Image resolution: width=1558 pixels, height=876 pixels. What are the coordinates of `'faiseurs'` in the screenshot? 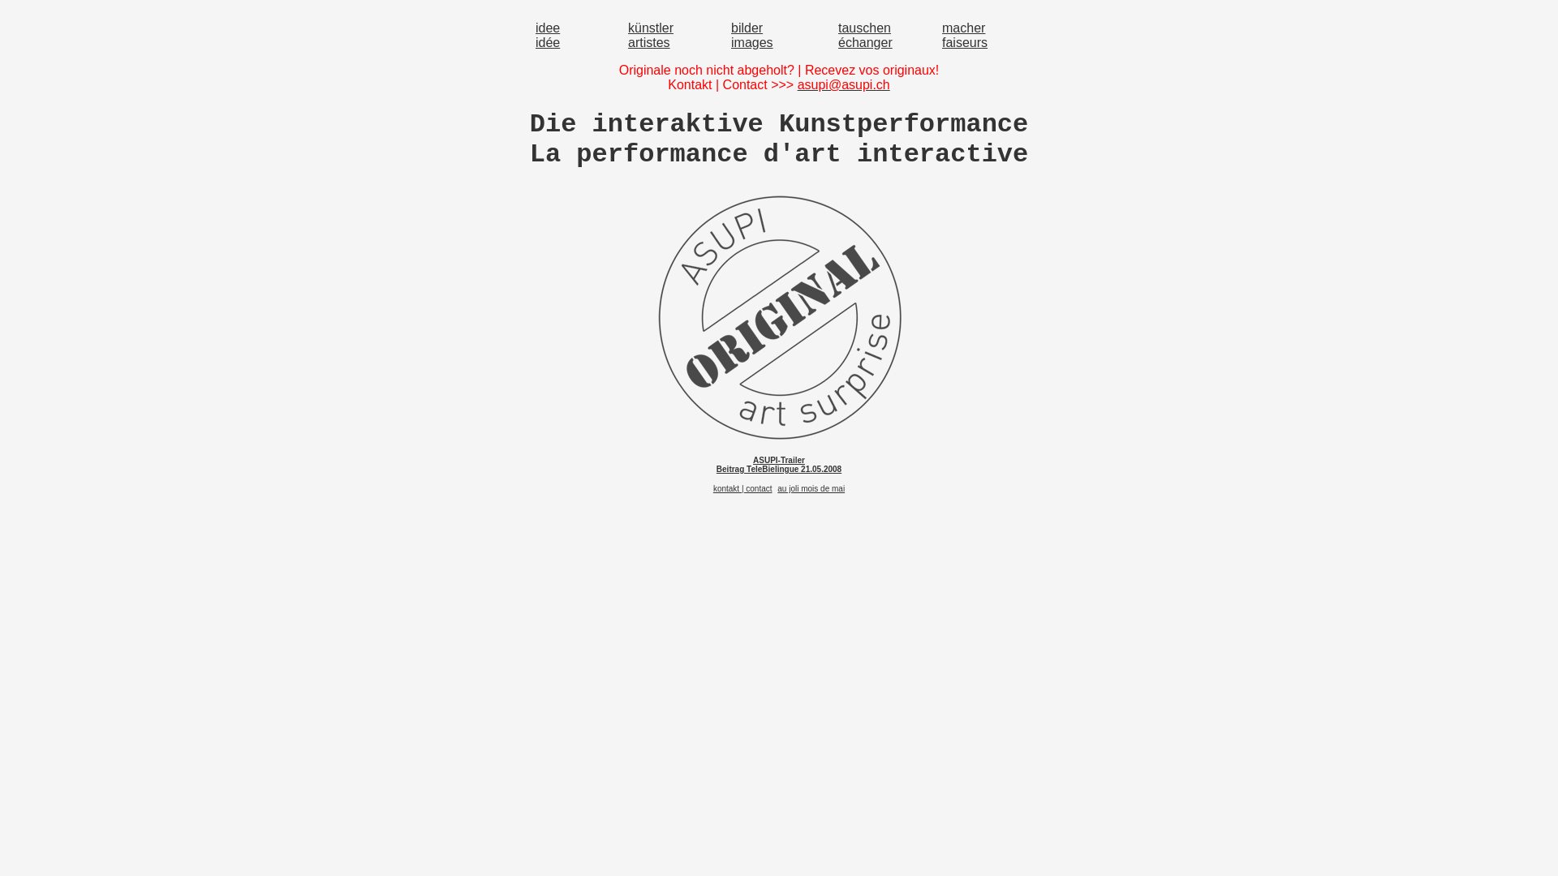 It's located at (965, 41).